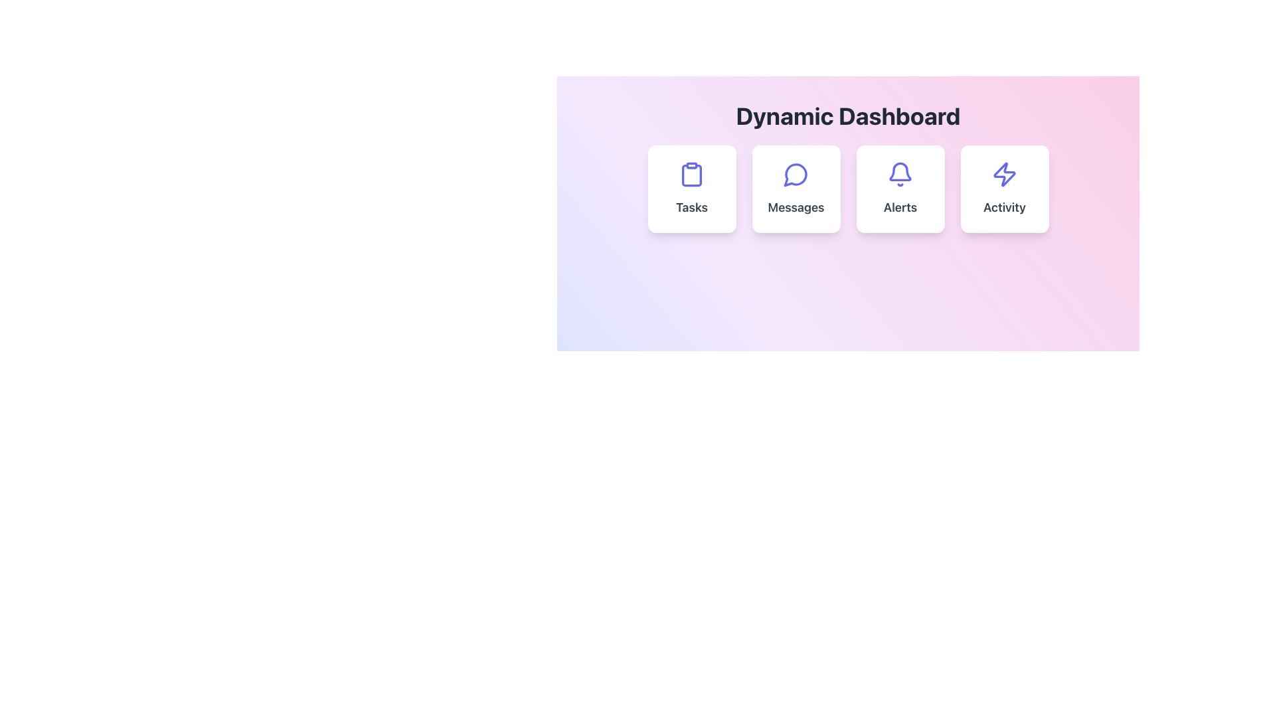  I want to click on the 'Activity' button, which is a rectangular card with a white background, rounded corners, a blue lightning bolt icon, and bold gray text, located in the grid under 'Dynamic Dashboard', so click(1004, 189).